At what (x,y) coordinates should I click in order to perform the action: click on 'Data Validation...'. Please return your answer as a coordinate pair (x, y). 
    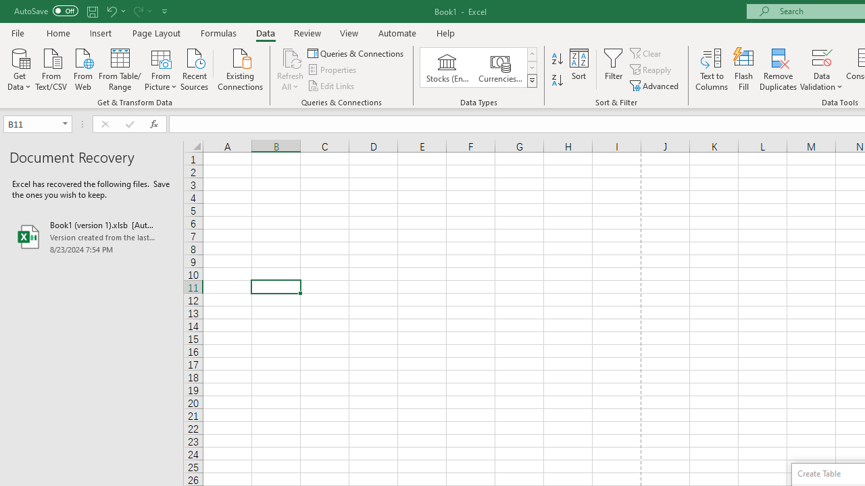
    Looking at the image, I should click on (821, 70).